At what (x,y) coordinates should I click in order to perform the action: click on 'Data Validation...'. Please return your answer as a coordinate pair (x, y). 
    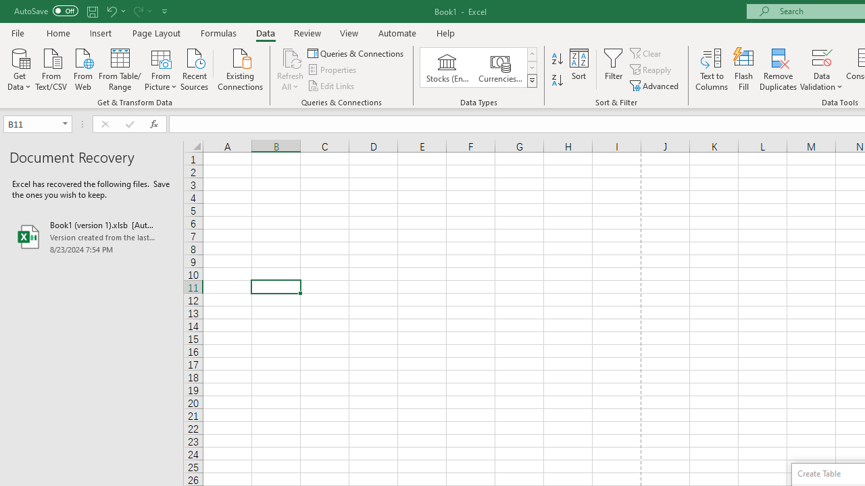
    Looking at the image, I should click on (821, 70).